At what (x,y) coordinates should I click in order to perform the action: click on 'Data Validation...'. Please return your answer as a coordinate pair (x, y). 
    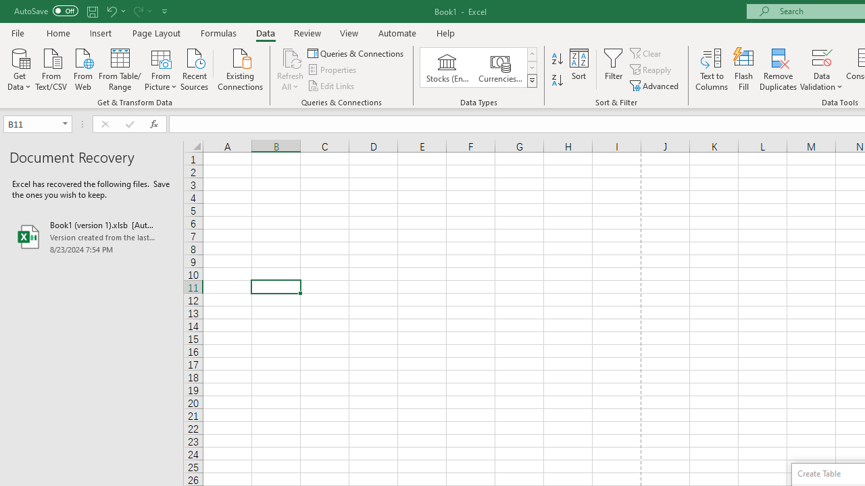
    Looking at the image, I should click on (821, 70).